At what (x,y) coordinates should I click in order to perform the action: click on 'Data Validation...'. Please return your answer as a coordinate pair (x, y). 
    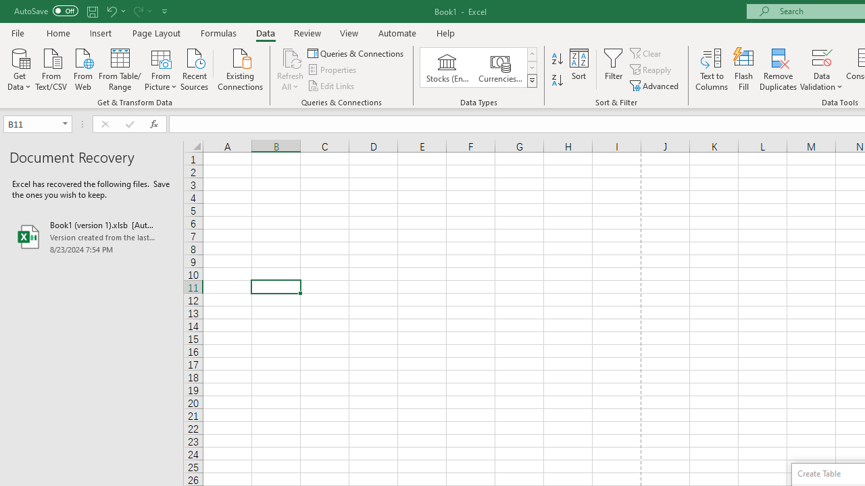
    Looking at the image, I should click on (821, 70).